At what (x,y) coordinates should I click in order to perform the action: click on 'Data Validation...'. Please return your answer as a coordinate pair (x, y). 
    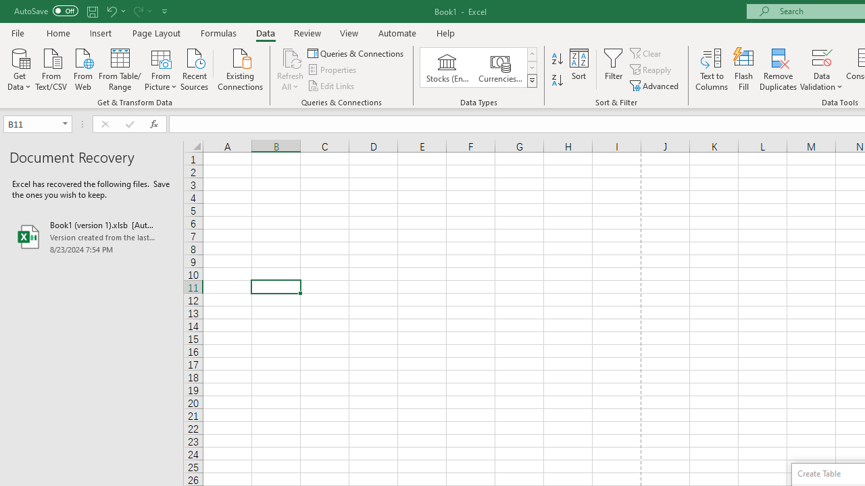
    Looking at the image, I should click on (821, 70).